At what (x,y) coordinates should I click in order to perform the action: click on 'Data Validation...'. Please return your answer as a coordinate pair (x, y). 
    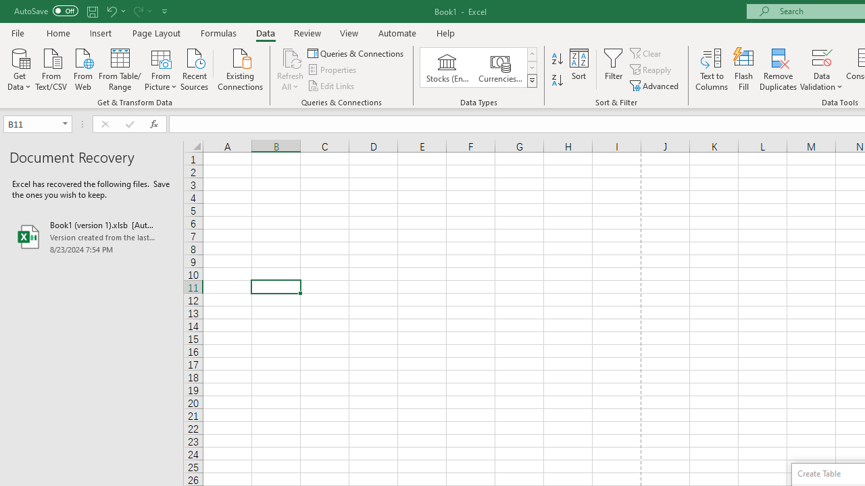
    Looking at the image, I should click on (821, 70).